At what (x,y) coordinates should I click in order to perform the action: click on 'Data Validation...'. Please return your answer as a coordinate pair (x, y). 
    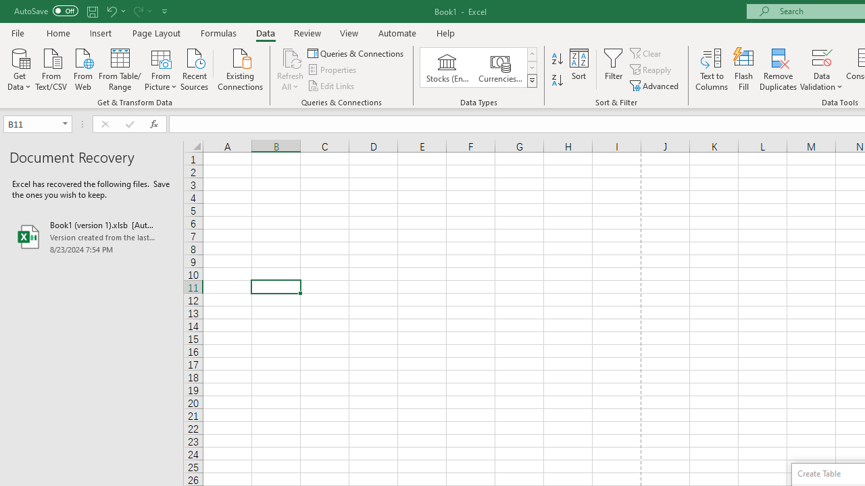
    Looking at the image, I should click on (821, 70).